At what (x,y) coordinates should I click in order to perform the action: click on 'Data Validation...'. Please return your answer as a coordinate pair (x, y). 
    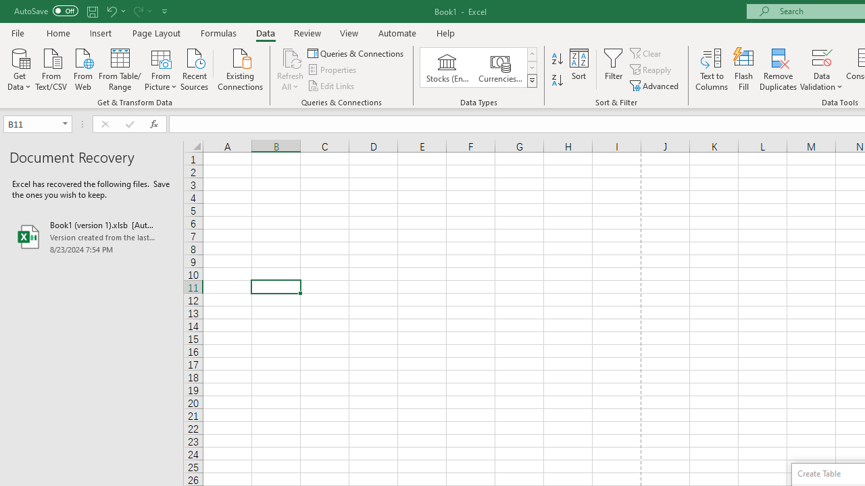
    Looking at the image, I should click on (821, 70).